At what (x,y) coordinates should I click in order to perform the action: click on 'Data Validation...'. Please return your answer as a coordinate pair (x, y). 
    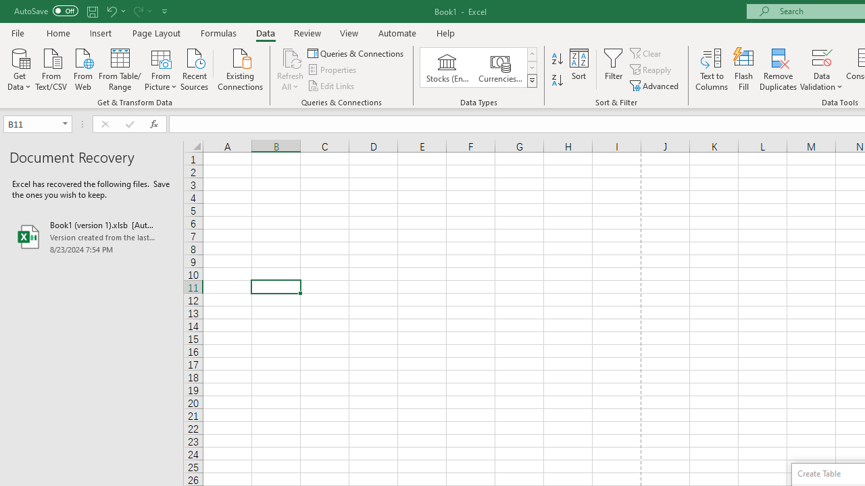
    Looking at the image, I should click on (821, 70).